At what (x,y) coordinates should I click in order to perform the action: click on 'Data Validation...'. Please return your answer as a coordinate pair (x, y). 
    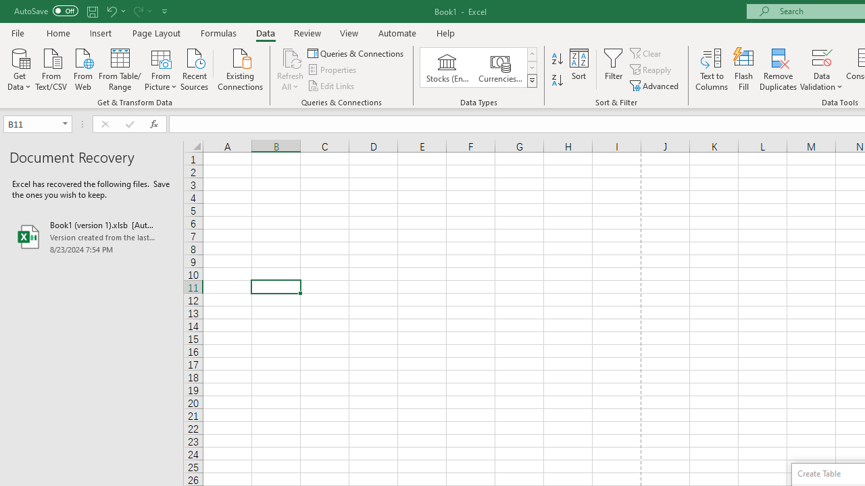
    Looking at the image, I should click on (821, 70).